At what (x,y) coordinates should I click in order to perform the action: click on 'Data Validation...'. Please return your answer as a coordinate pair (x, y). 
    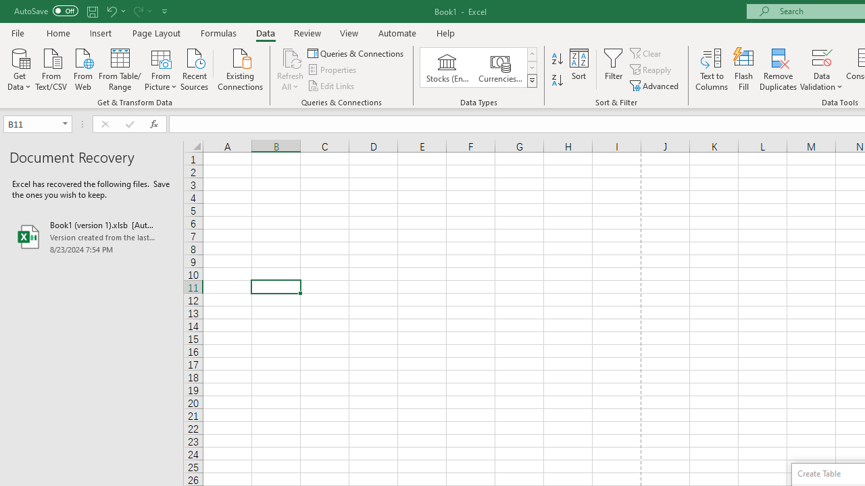
    Looking at the image, I should click on (821, 70).